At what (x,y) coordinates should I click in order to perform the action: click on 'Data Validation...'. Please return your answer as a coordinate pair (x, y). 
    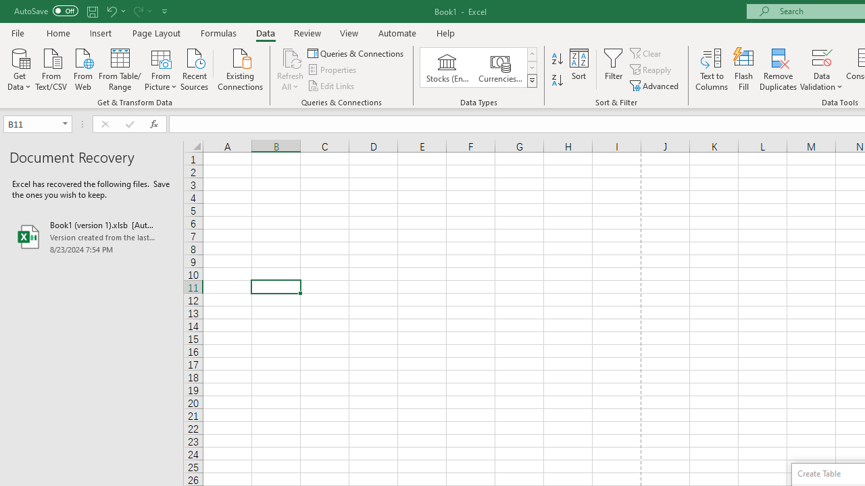
    Looking at the image, I should click on (821, 70).